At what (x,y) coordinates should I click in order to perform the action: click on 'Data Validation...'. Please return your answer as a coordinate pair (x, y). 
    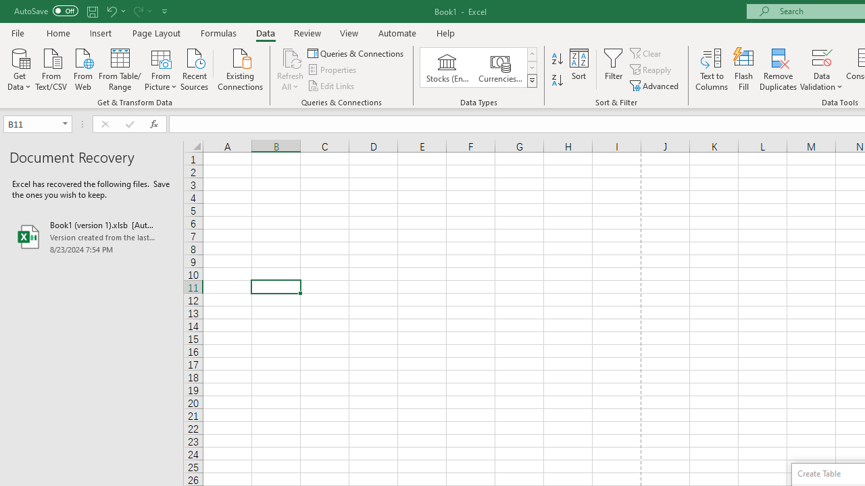
    Looking at the image, I should click on (821, 70).